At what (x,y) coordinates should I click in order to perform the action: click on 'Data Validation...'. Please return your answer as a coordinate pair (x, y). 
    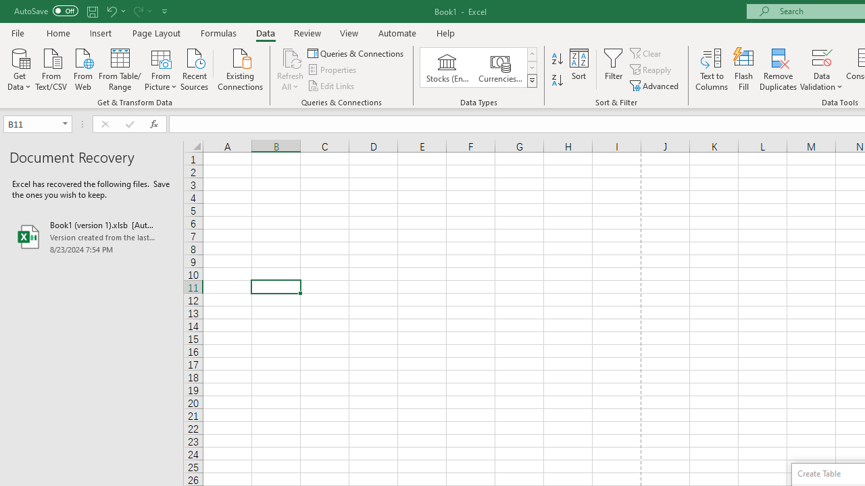
    Looking at the image, I should click on (821, 70).